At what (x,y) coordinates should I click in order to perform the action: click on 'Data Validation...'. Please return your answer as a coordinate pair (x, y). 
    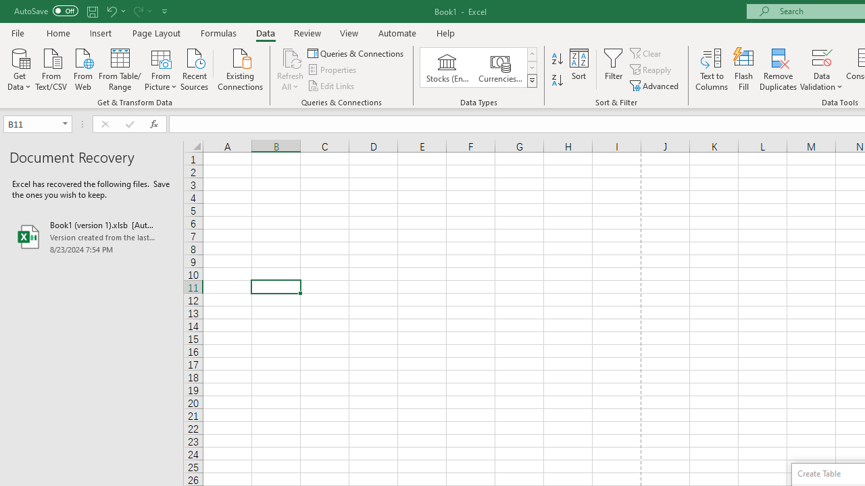
    Looking at the image, I should click on (821, 70).